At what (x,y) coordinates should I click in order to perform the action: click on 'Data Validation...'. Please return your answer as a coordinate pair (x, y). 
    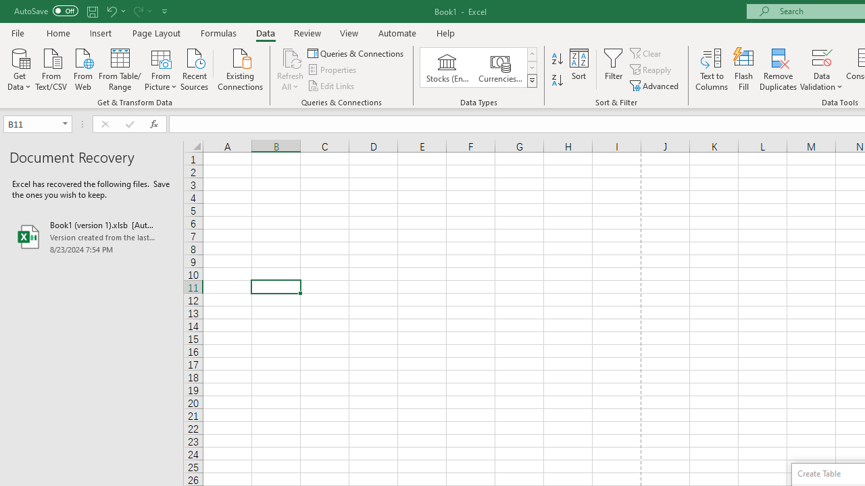
    Looking at the image, I should click on (821, 70).